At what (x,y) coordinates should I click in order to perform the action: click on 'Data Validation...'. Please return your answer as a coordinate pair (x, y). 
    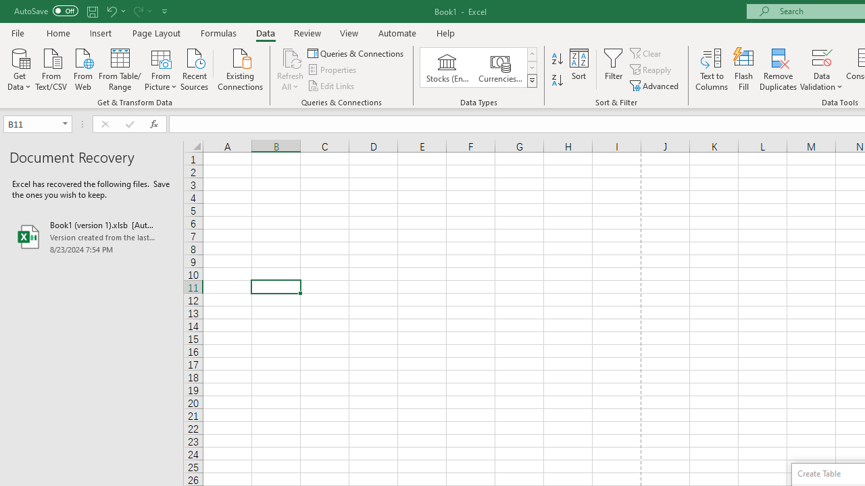
    Looking at the image, I should click on (821, 70).